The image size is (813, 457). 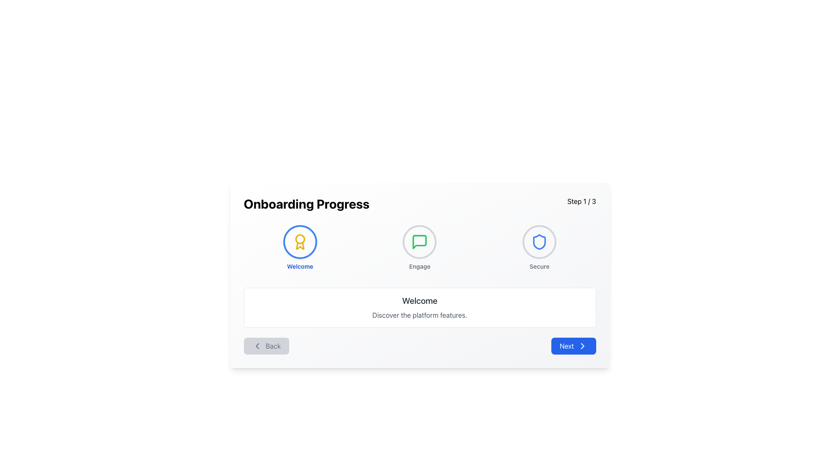 What do you see at coordinates (420, 307) in the screenshot?
I see `information displayed in the text block that says 'Welcome' and 'Discover the platform features.' located centrally below the icons labeled 'Welcome', 'Engage', and 'Secure'` at bounding box center [420, 307].